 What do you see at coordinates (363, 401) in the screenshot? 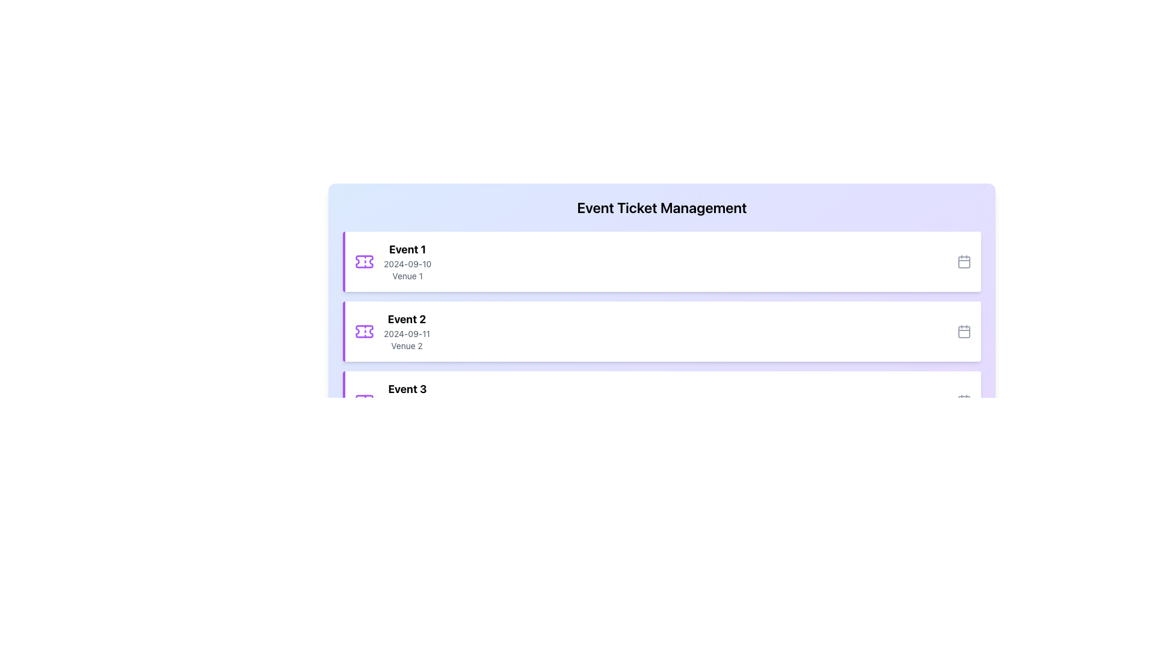
I see `the ticket-shaped icon that signifies the context of 'Event 3', which is located to the left of the associated textual content` at bounding box center [363, 401].